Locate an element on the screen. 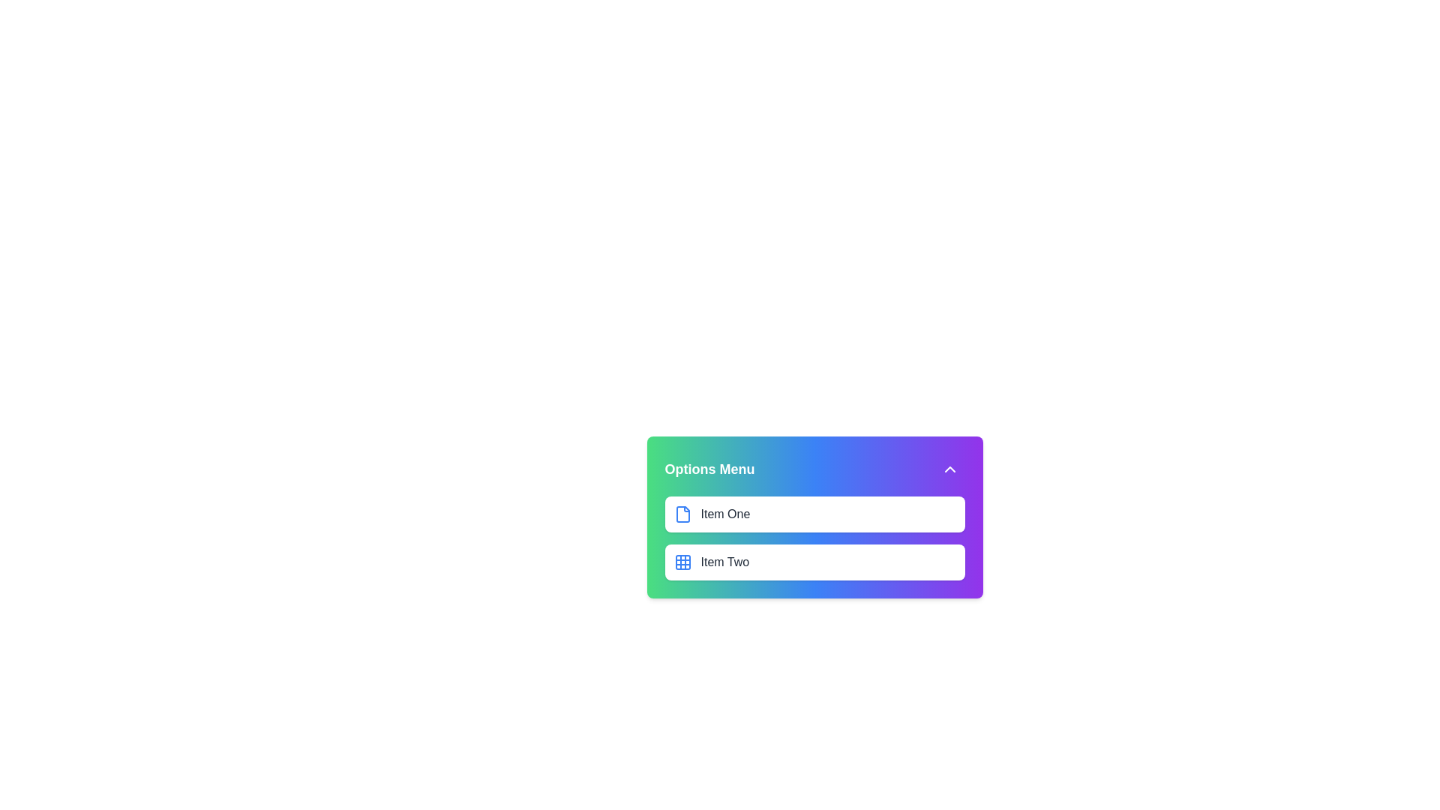  the blue icon resembling a 3x3 grid of squares, which is positioned to the left of the text label 'Item Two' in the list item is located at coordinates (682, 562).